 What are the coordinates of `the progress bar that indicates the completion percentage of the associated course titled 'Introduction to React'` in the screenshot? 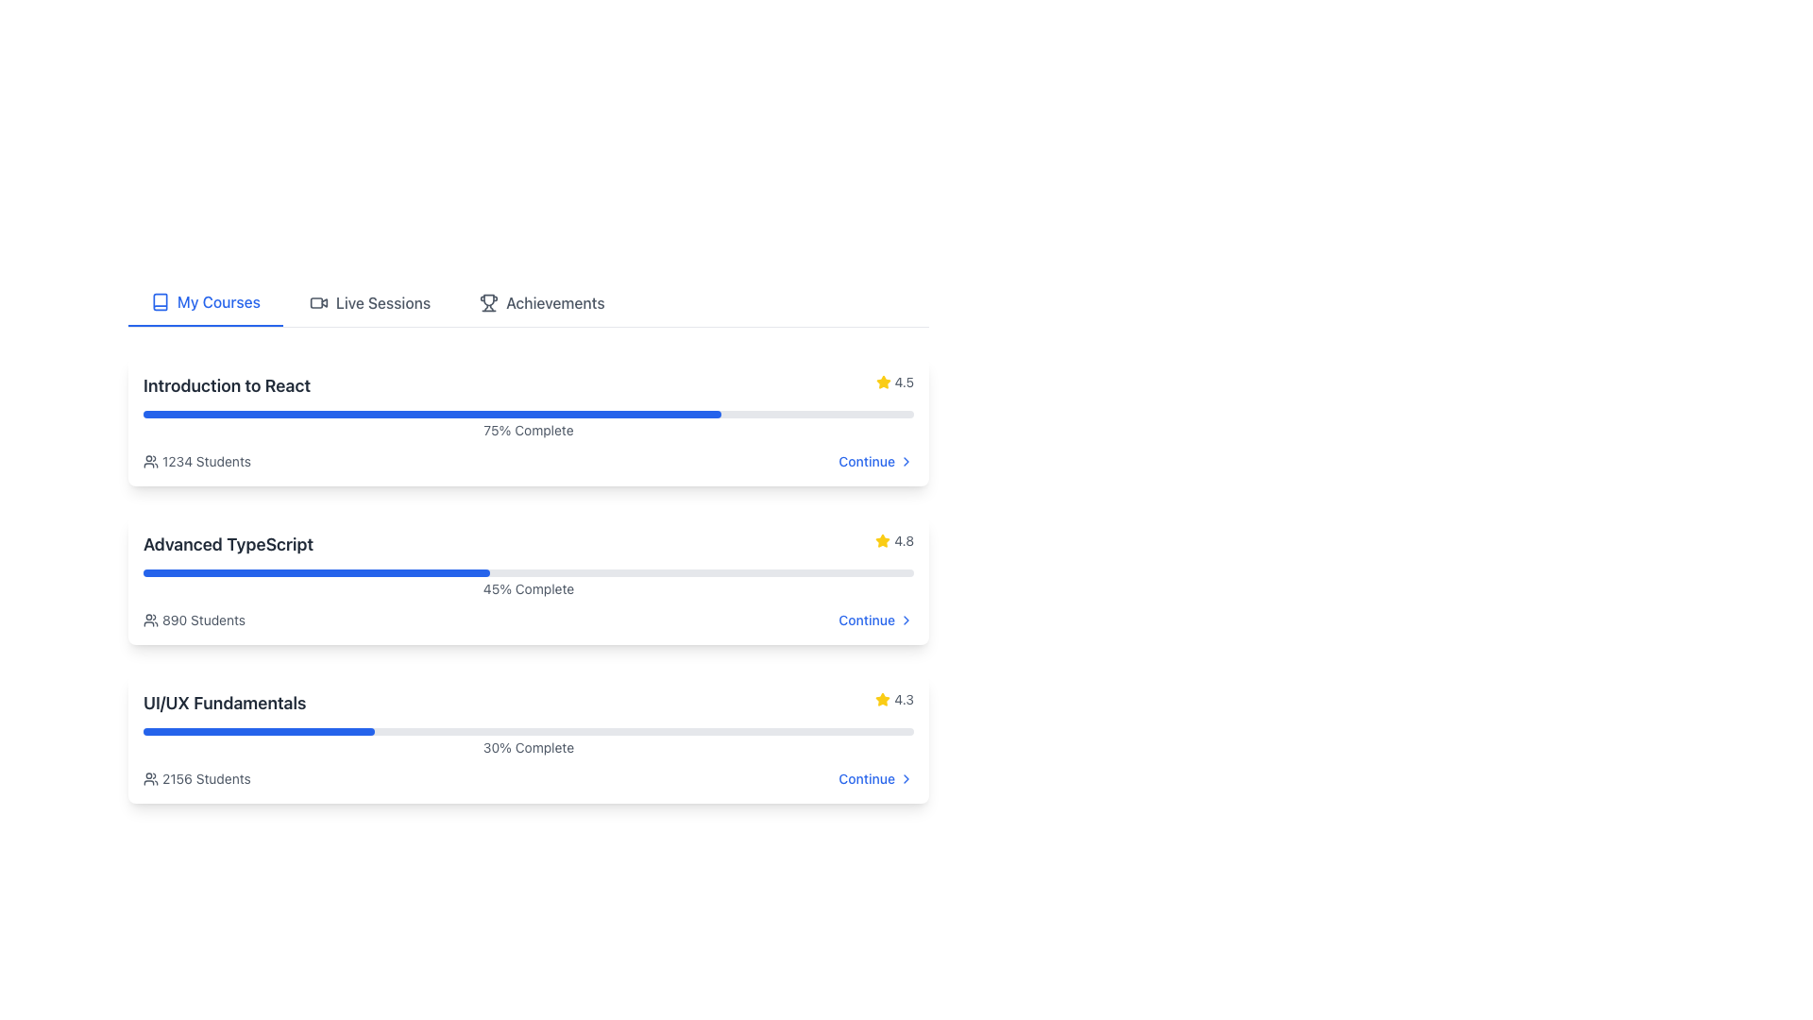 It's located at (529, 426).